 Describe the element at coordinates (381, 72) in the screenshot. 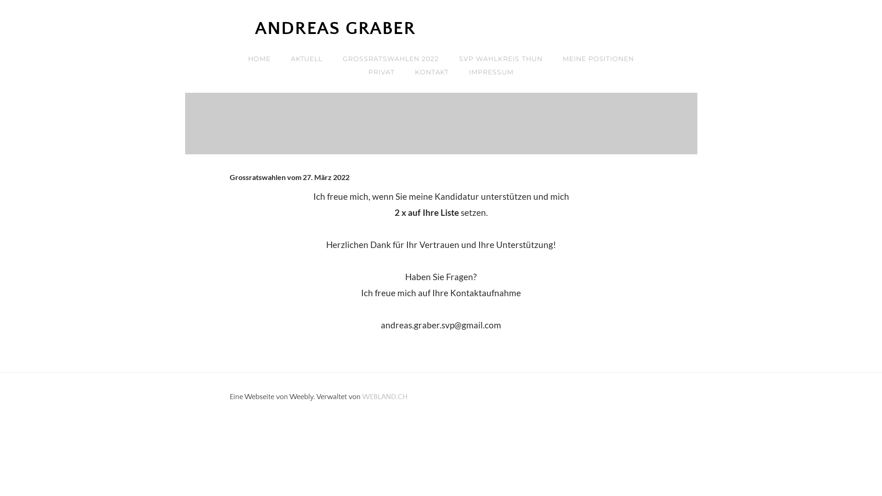

I see `'PRIVAT'` at that location.